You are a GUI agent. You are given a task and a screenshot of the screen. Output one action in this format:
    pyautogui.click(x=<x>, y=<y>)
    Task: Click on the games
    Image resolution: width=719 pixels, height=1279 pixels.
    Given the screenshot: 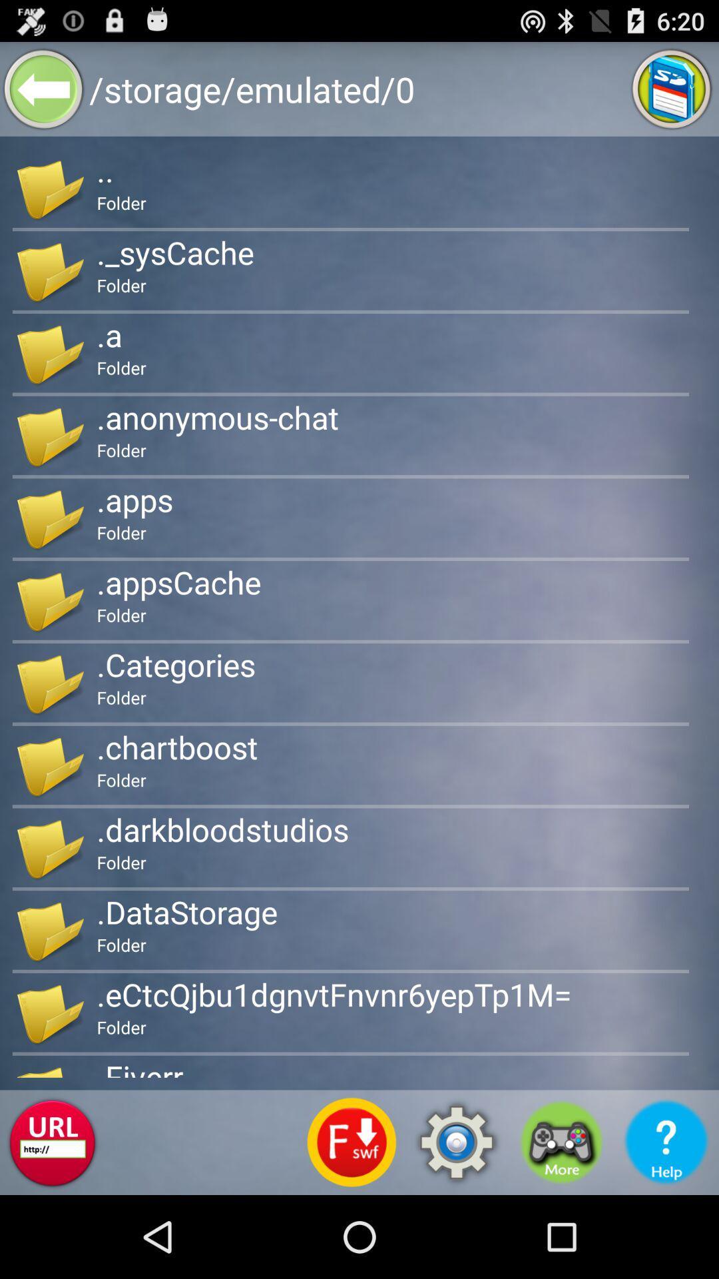 What is the action you would take?
    pyautogui.click(x=561, y=1142)
    